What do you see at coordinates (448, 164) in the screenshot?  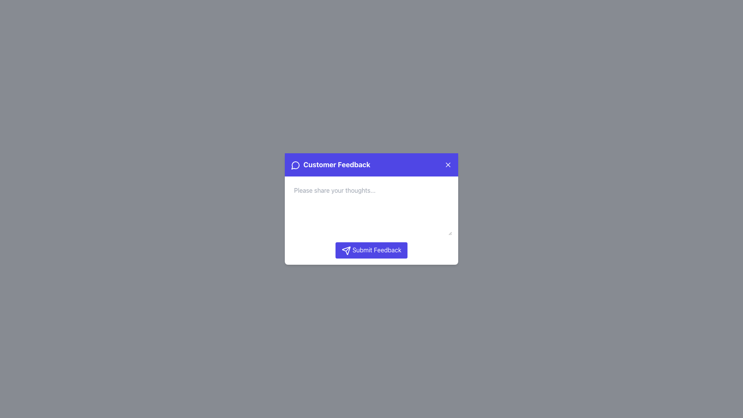 I see `the diagonal cross line forming an 'X' mark in the close button located at the top-right corner of the purple header bar in the feedback modal` at bounding box center [448, 164].